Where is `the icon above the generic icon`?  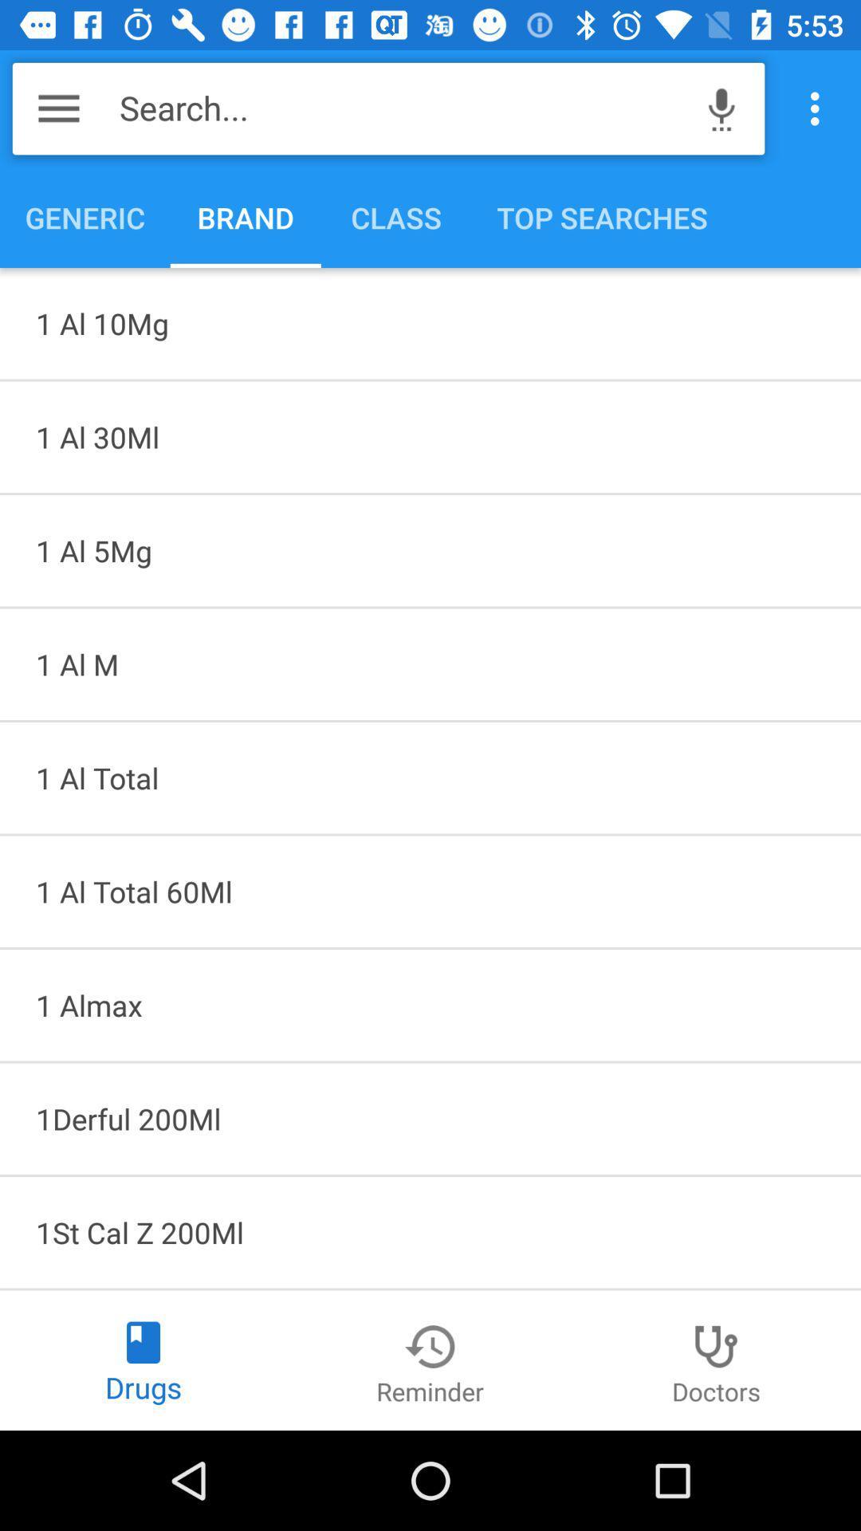
the icon above the generic icon is located at coordinates (57, 108).